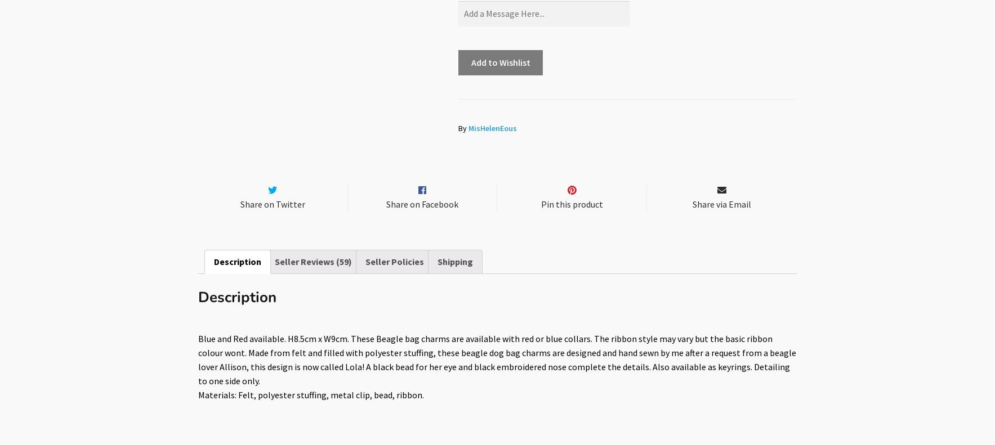  I want to click on 'Share on Facebook', so click(385, 203).